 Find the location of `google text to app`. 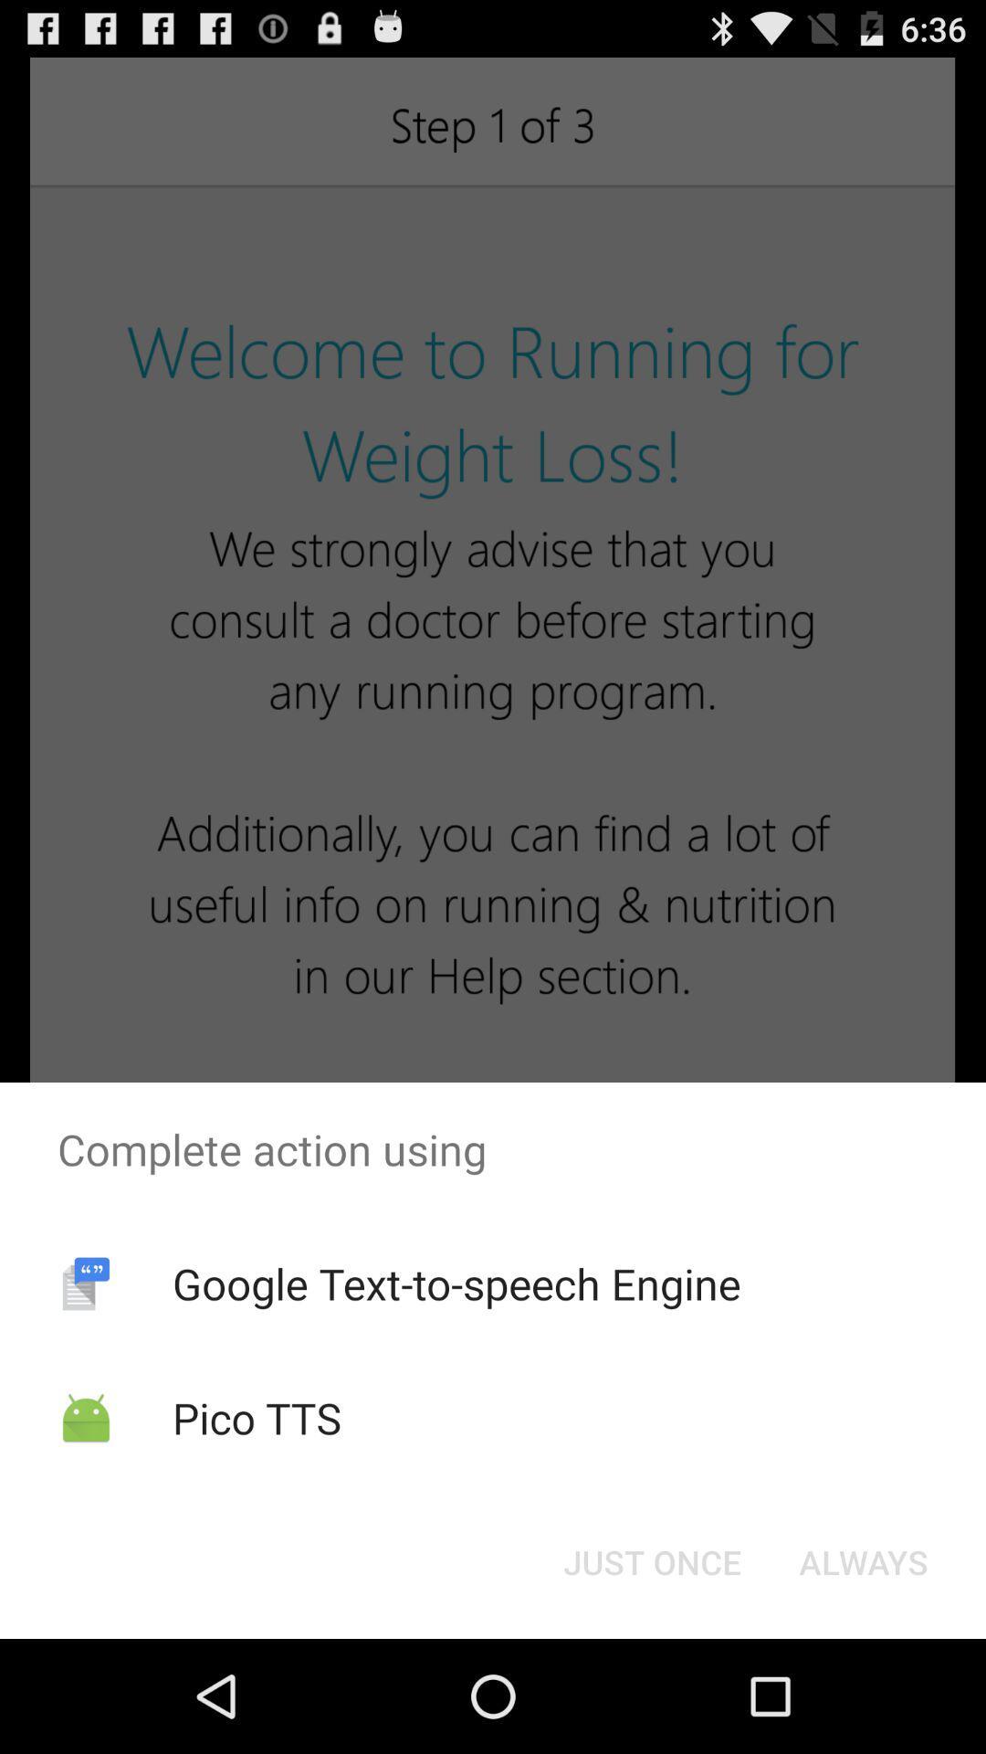

google text to app is located at coordinates (456, 1283).